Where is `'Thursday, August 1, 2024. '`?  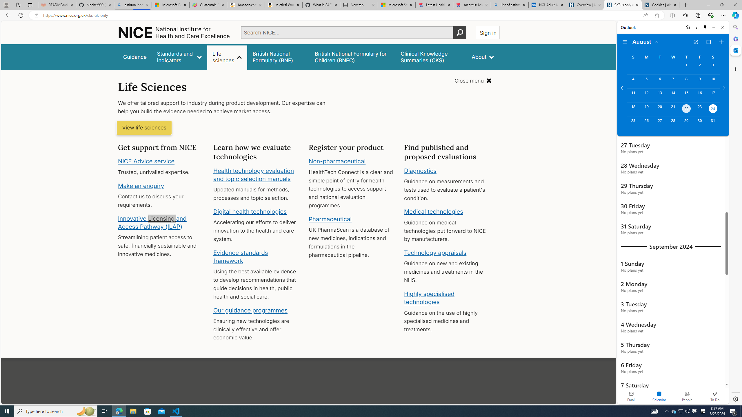 'Thursday, August 1, 2024. ' is located at coordinates (686, 67).